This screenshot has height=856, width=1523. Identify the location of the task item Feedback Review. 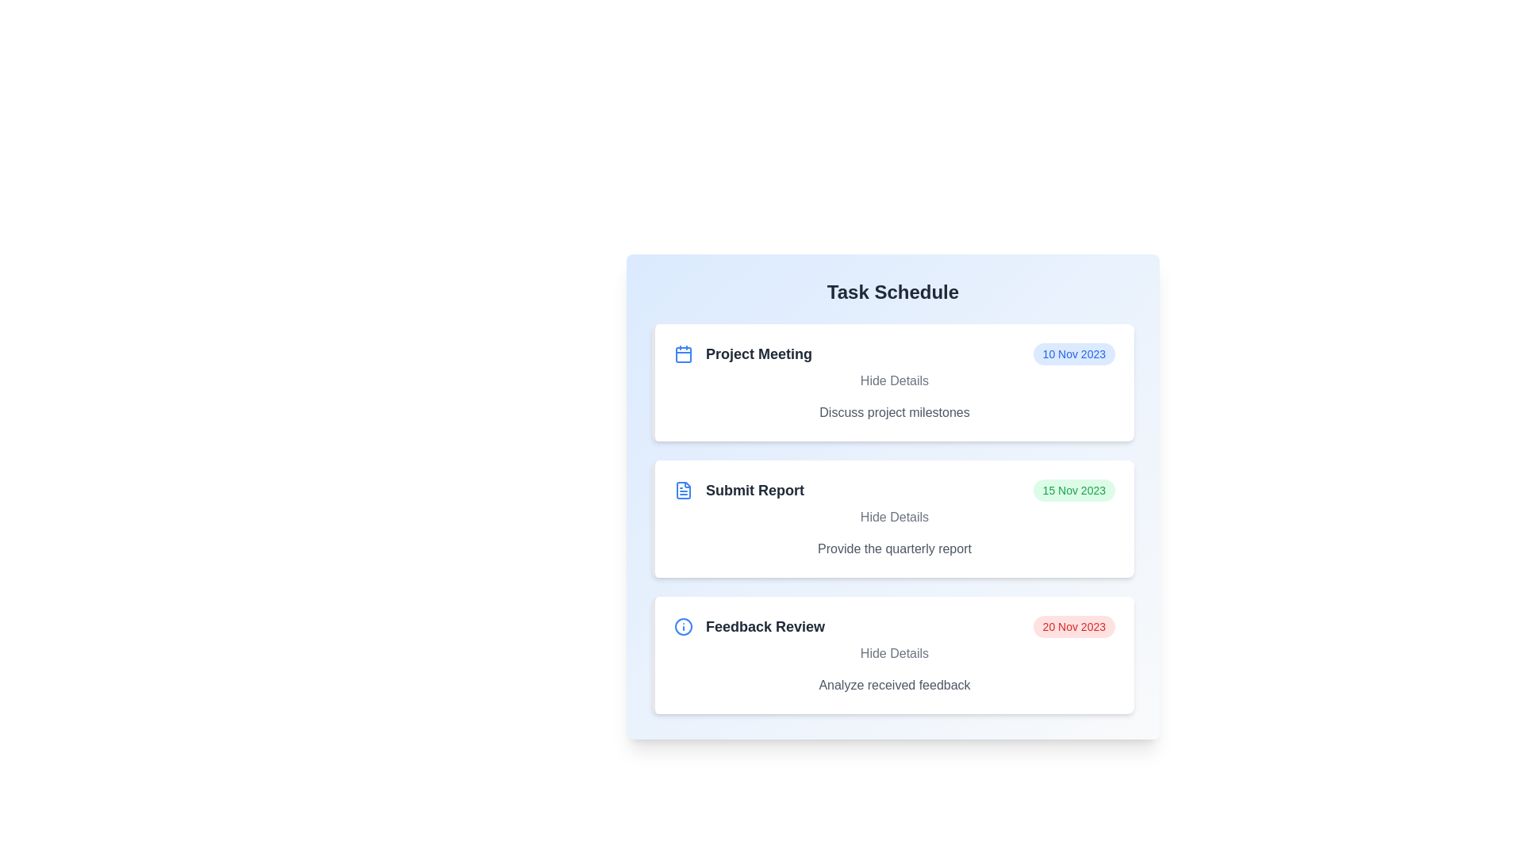
(893, 655).